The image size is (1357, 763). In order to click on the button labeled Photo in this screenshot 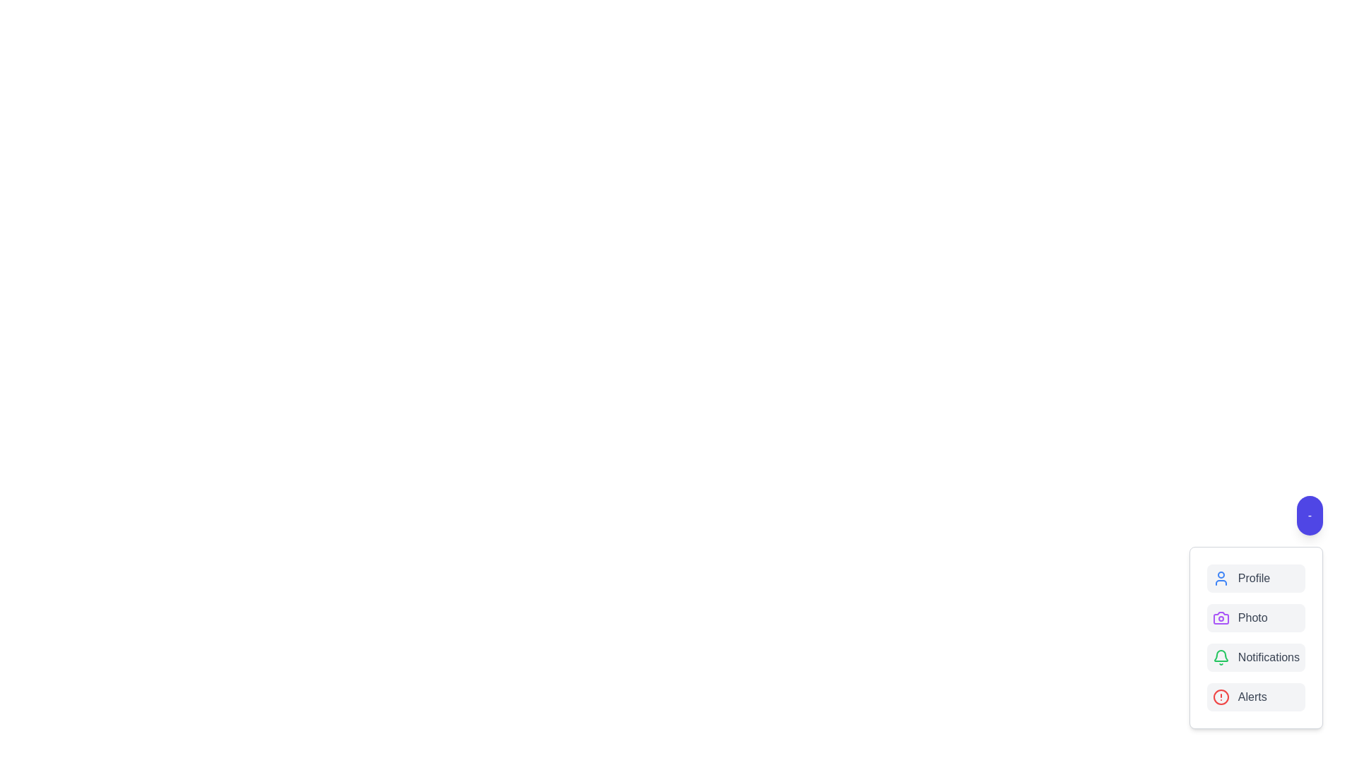, I will do `click(1255, 617)`.